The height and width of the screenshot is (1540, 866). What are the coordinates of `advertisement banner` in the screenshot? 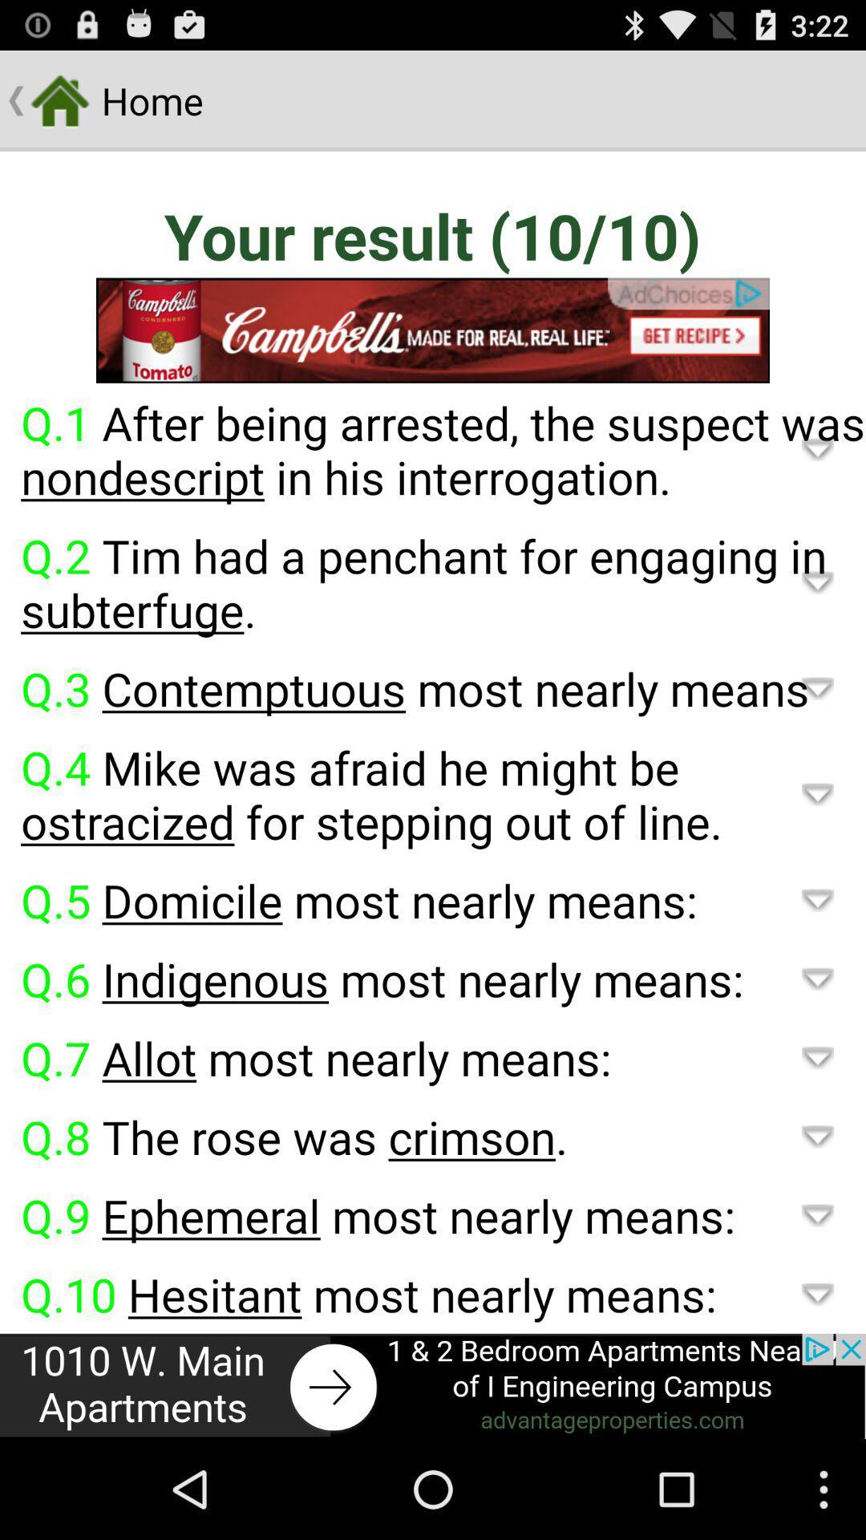 It's located at (433, 330).